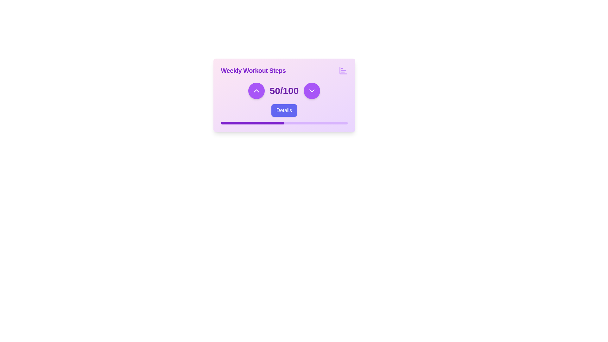 The image size is (608, 342). I want to click on the chevron-down icon, which is styled in white on a purple circular background, located within a card-like interface, so click(312, 91).